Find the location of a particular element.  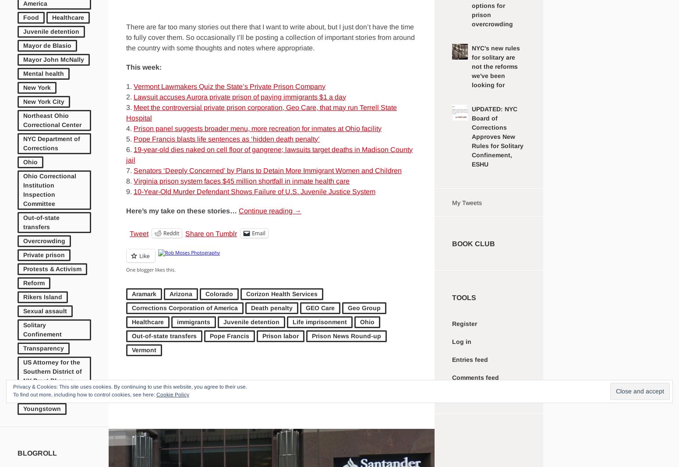

'My Tweets' is located at coordinates (467, 202).